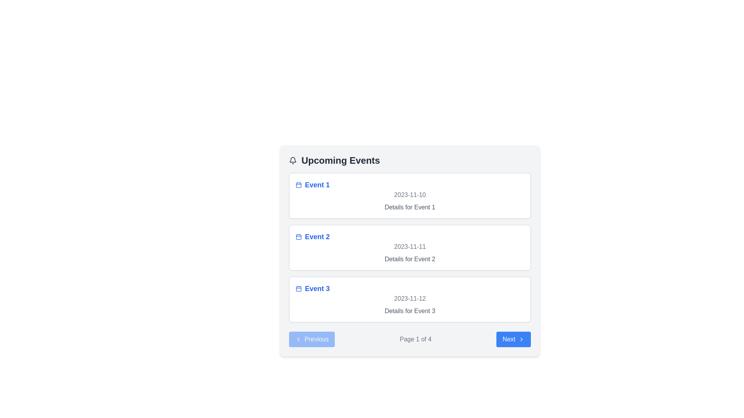  Describe the element at coordinates (312, 339) in the screenshot. I see `the 'Previous' button, which has a blue background and white text, located in the bottom left of the pagination bar` at that location.